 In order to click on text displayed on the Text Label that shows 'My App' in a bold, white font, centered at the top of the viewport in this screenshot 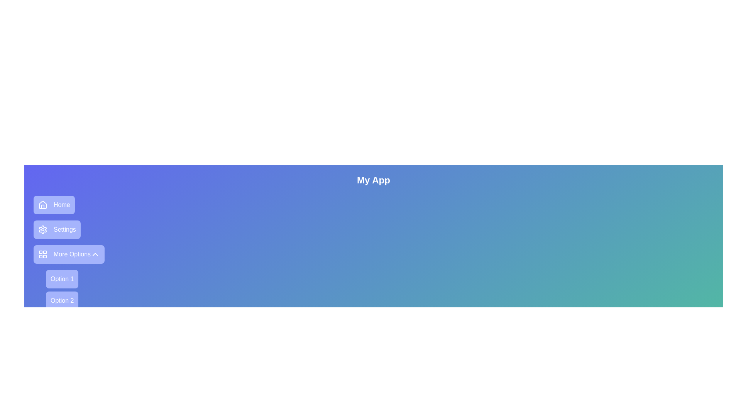, I will do `click(374, 180)`.